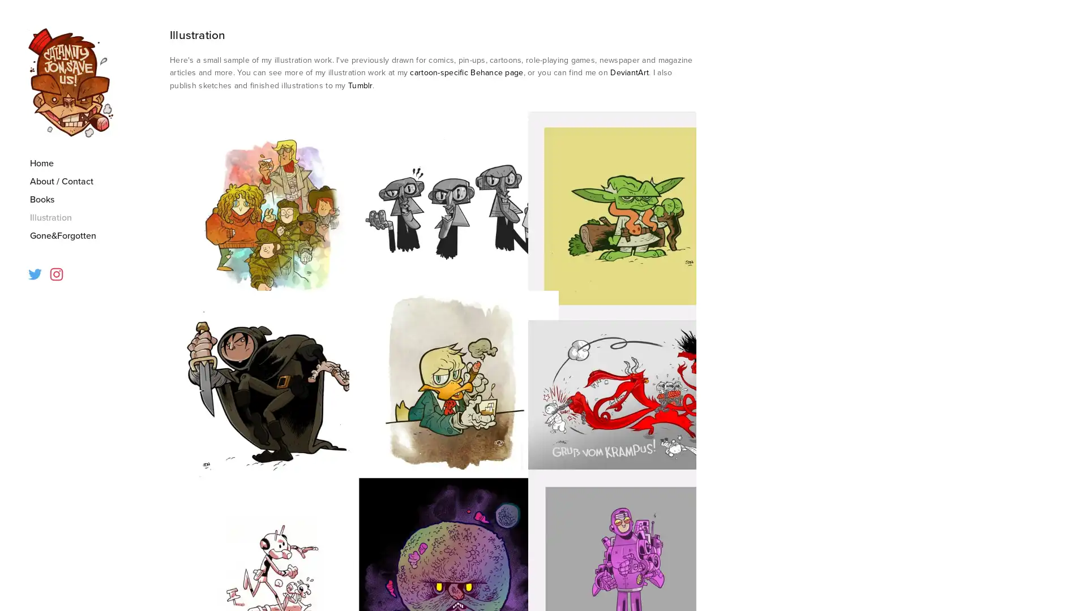 The image size is (1087, 611). What do you see at coordinates (432, 374) in the screenshot?
I see `View fullsize illos05.jpg` at bounding box center [432, 374].